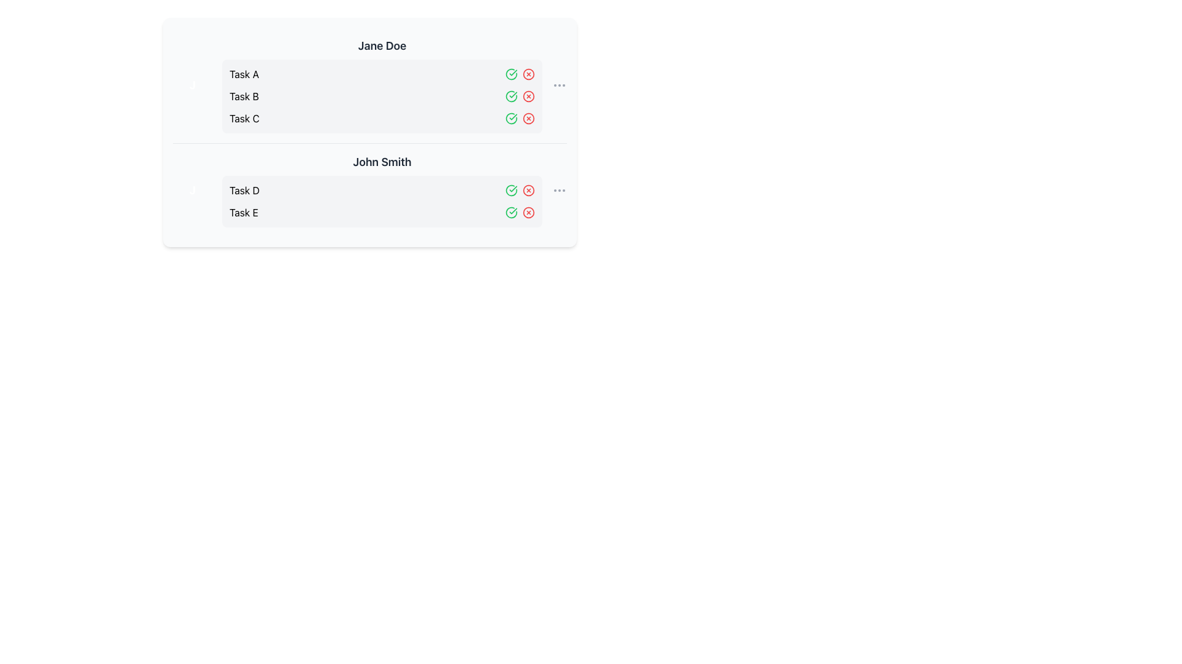 This screenshot has height=664, width=1182. What do you see at coordinates (511, 118) in the screenshot?
I see `the circular outline of the Icon component within the SVG group, located to the right of 'Task C' under 'Jane Doe'` at bounding box center [511, 118].